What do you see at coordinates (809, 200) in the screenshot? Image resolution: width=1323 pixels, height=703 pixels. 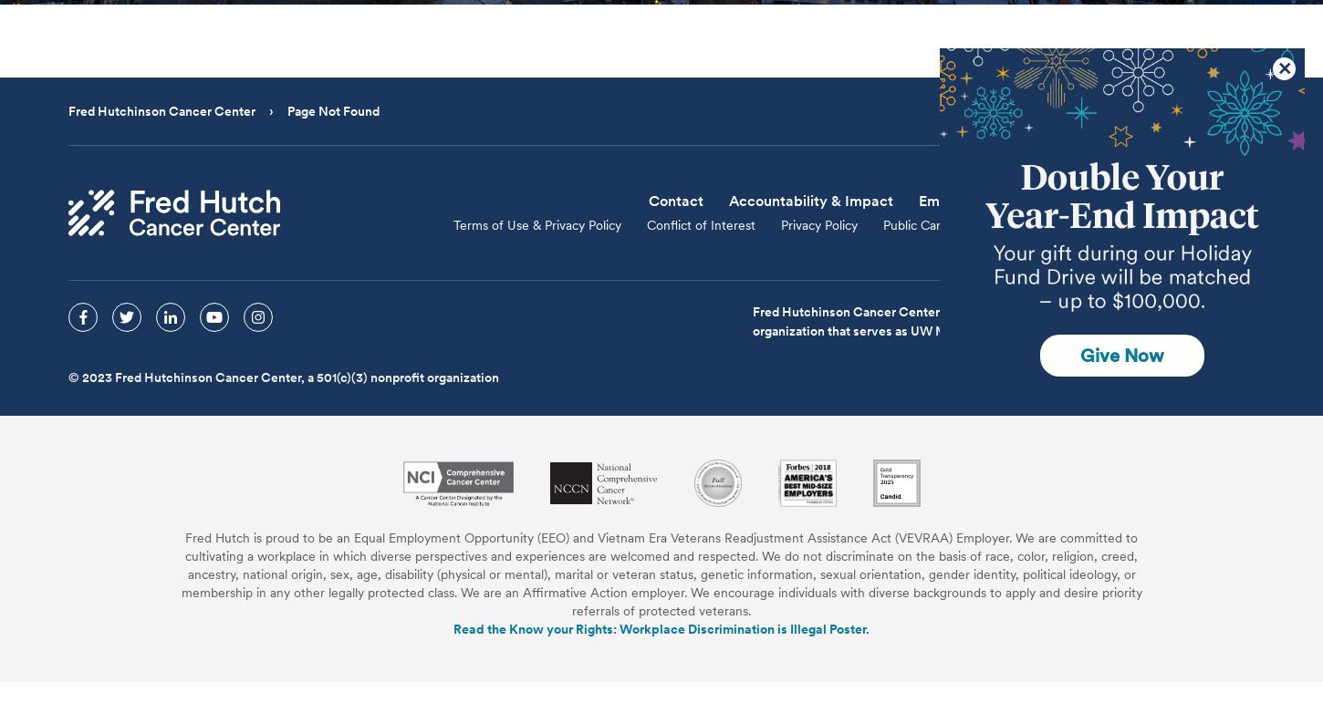 I see `'Accountability & Impact'` at bounding box center [809, 200].